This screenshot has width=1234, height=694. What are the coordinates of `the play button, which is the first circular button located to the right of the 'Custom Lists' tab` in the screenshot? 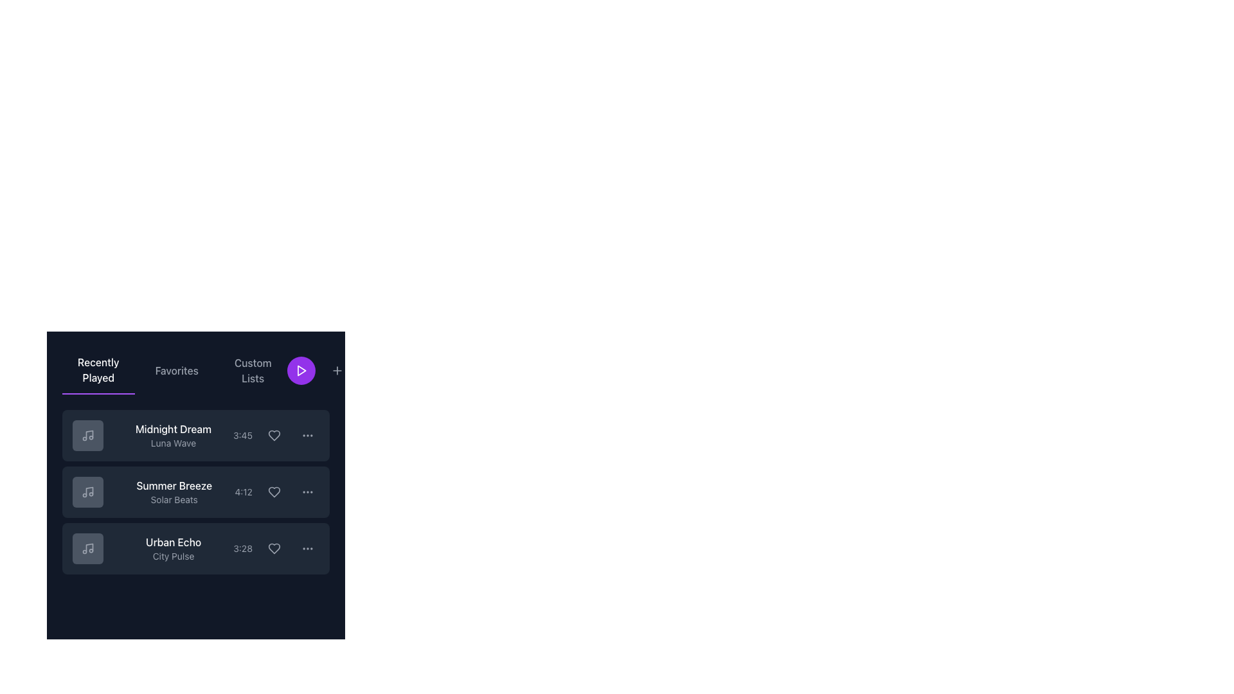 It's located at (300, 371).